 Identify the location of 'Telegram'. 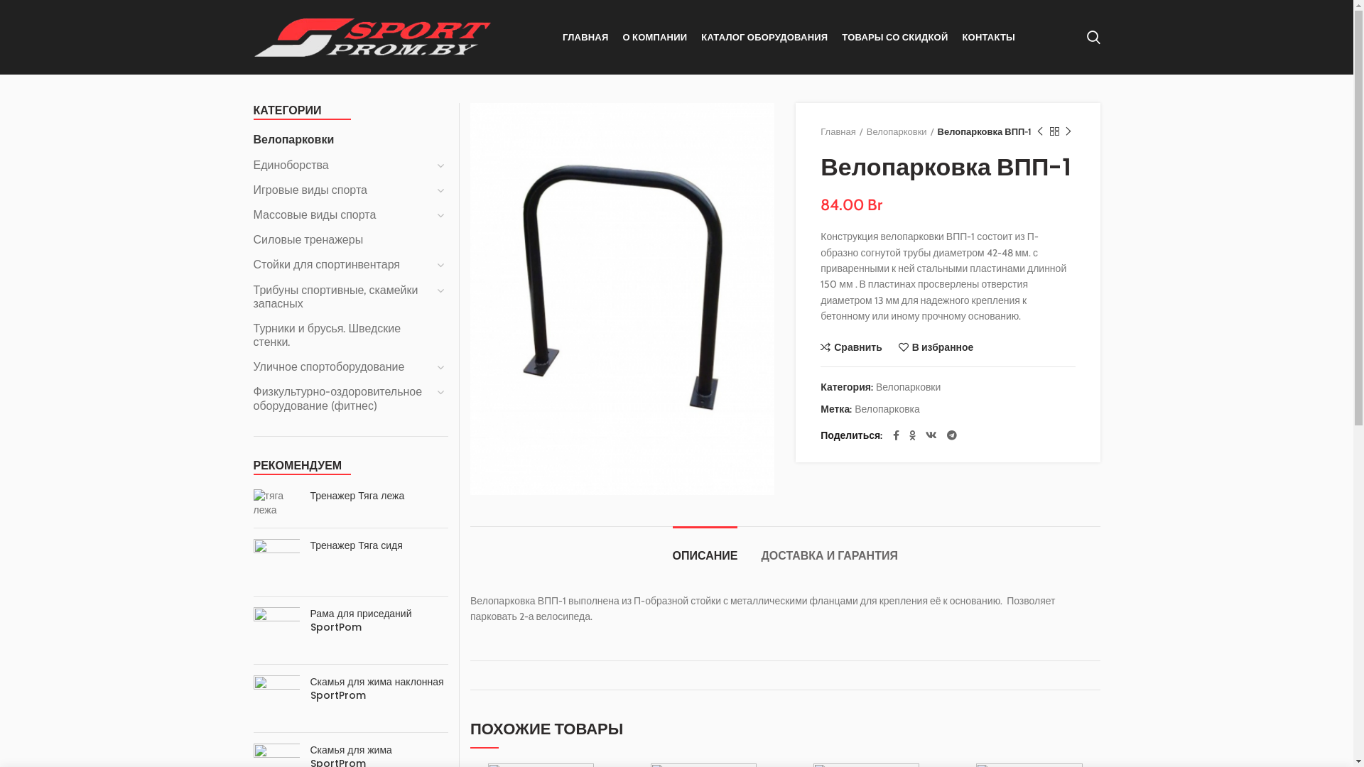
(951, 435).